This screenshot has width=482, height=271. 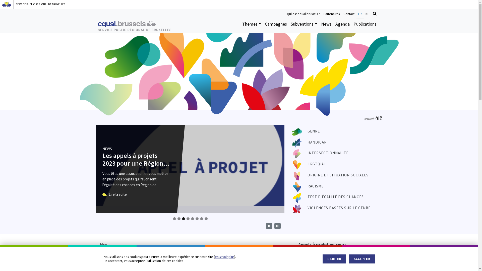 What do you see at coordinates (373, 118) in the screenshot?
I see `'Artwork'` at bounding box center [373, 118].